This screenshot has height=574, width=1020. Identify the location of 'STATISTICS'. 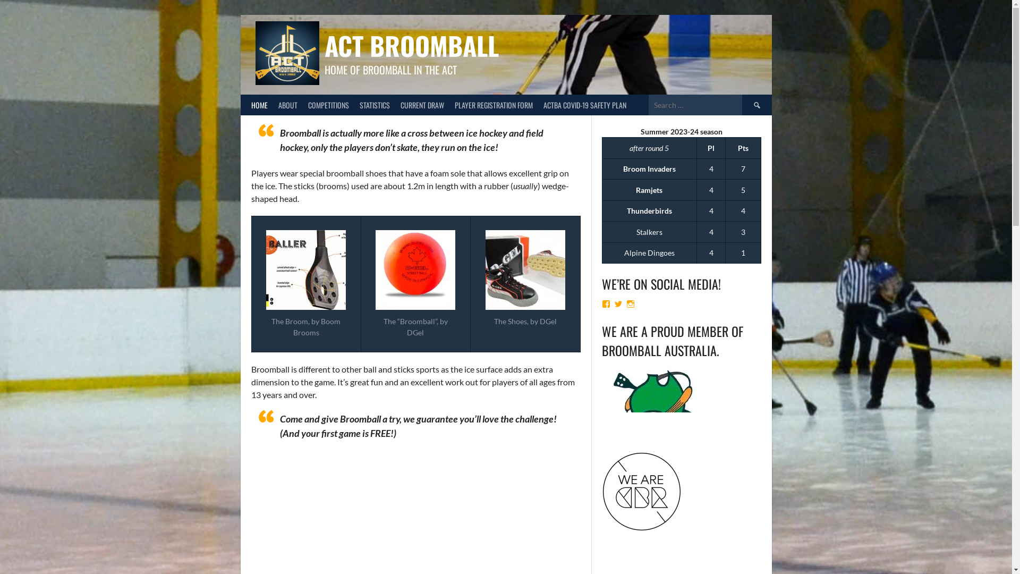
(354, 105).